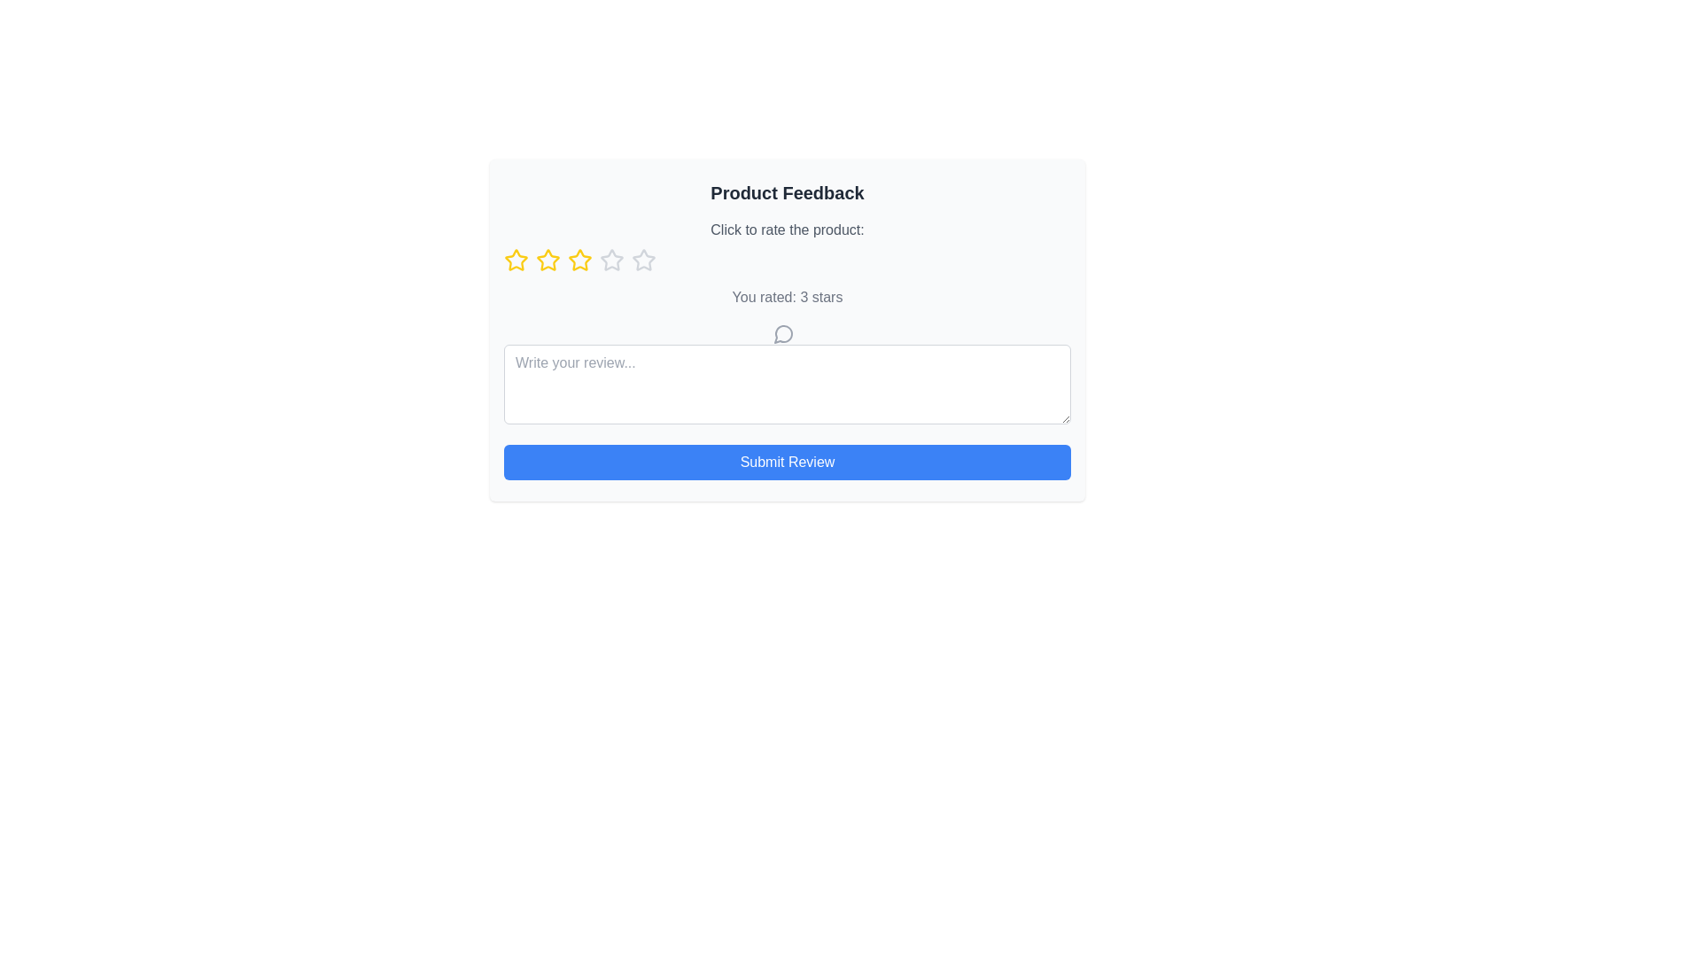  What do you see at coordinates (782, 332) in the screenshot?
I see `the decorative icon located to the left of the 'Write your review...' text input field and above the 'Submit Review' button in the feedback form` at bounding box center [782, 332].